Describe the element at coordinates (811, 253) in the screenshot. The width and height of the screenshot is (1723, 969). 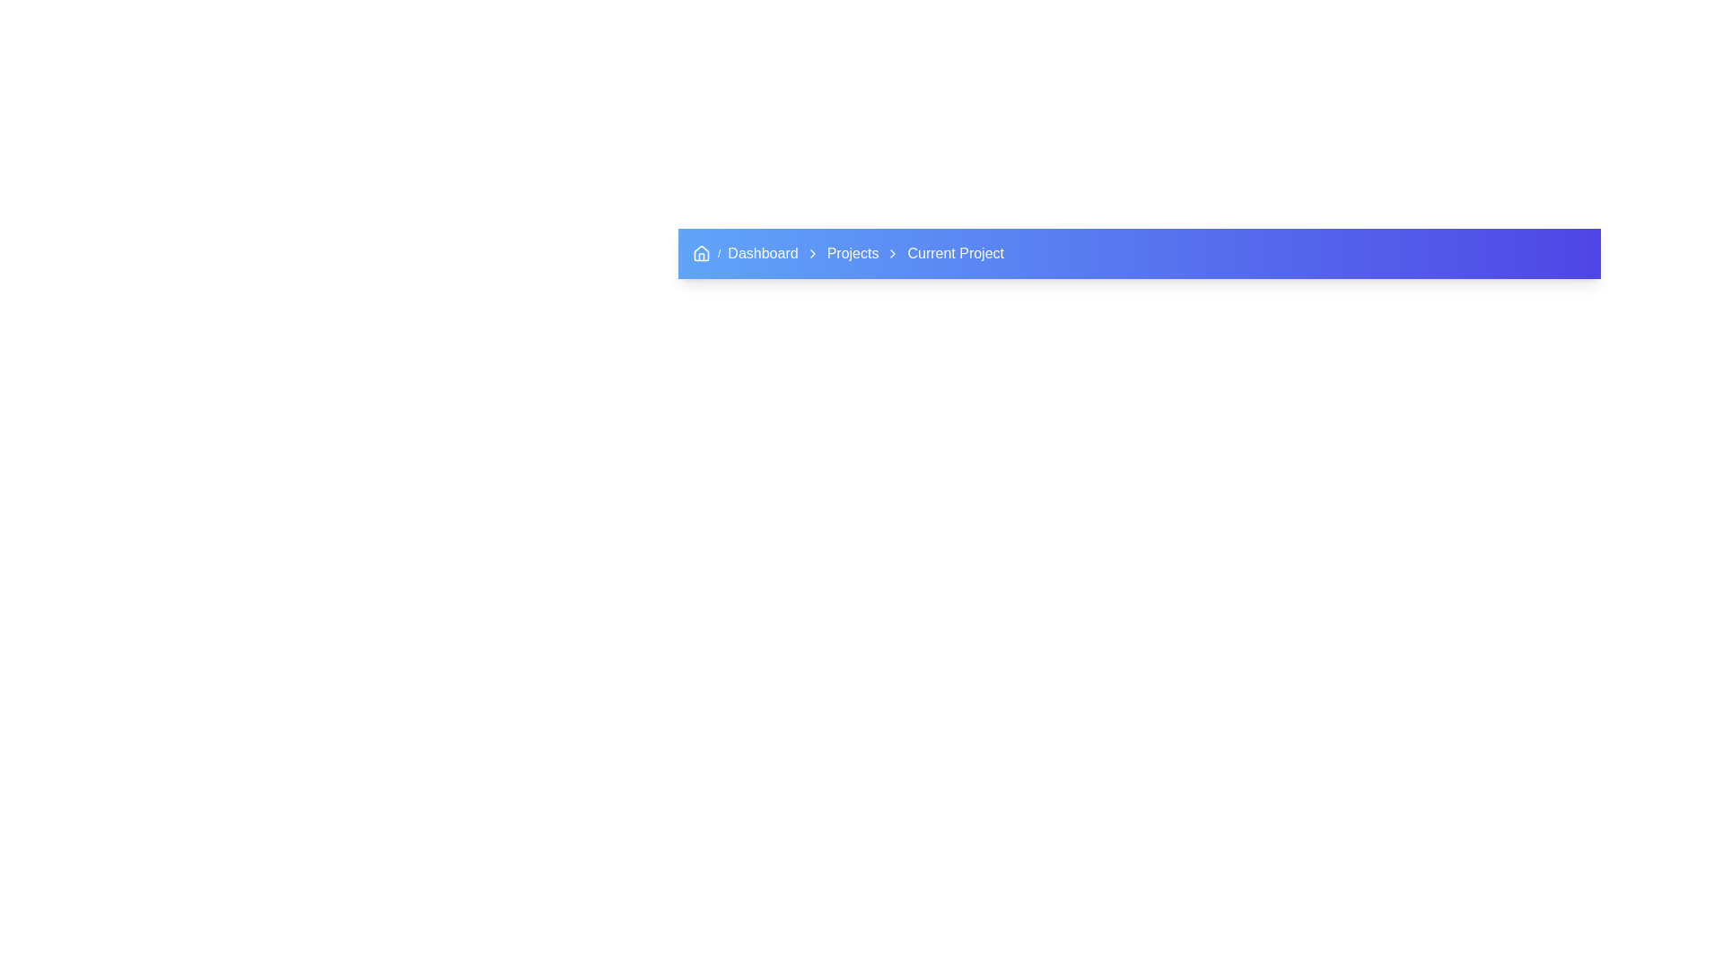
I see `the rightwards chevron SVG icon in the breadcrumb navigation bar, which separates 'Dashboard' and 'Projects'` at that location.